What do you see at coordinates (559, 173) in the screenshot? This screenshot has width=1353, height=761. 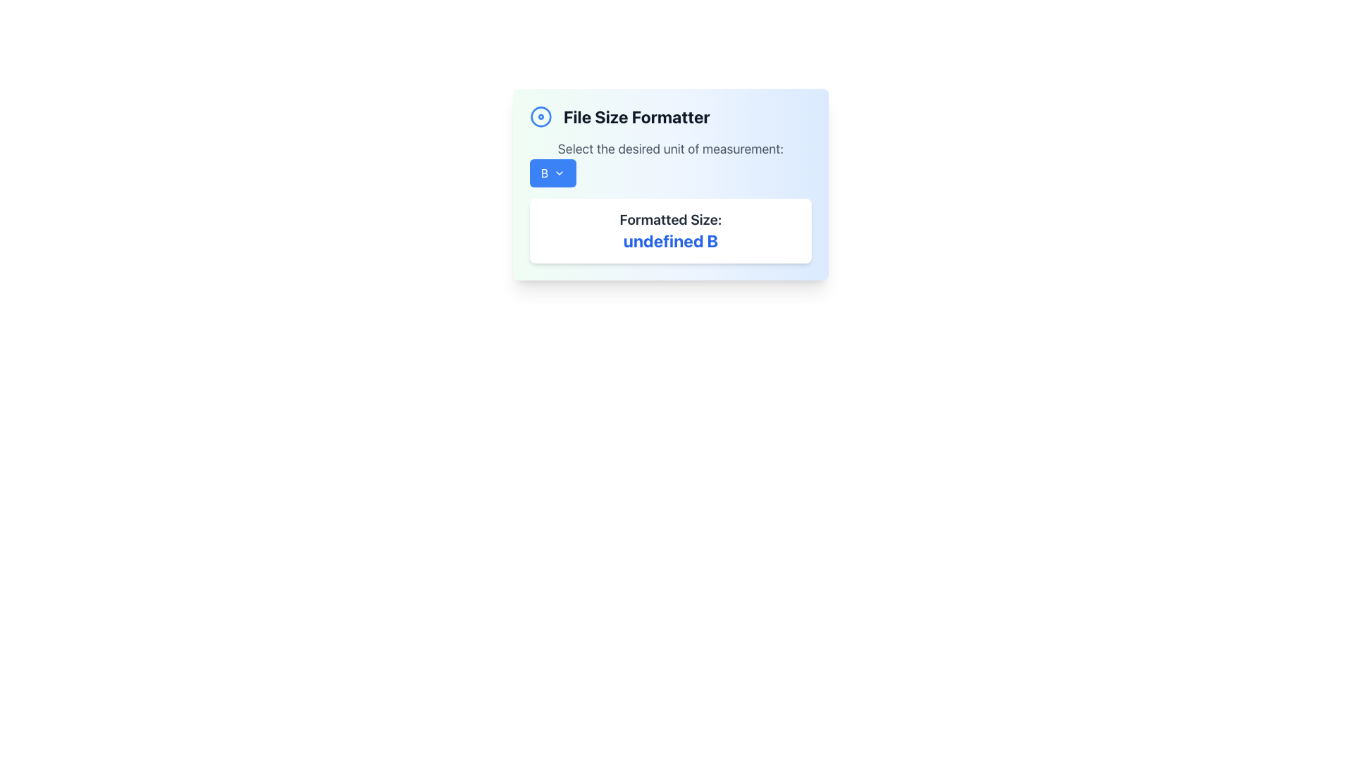 I see `the chevron-down icon located on the right side of the blue button labeled 'B'` at bounding box center [559, 173].